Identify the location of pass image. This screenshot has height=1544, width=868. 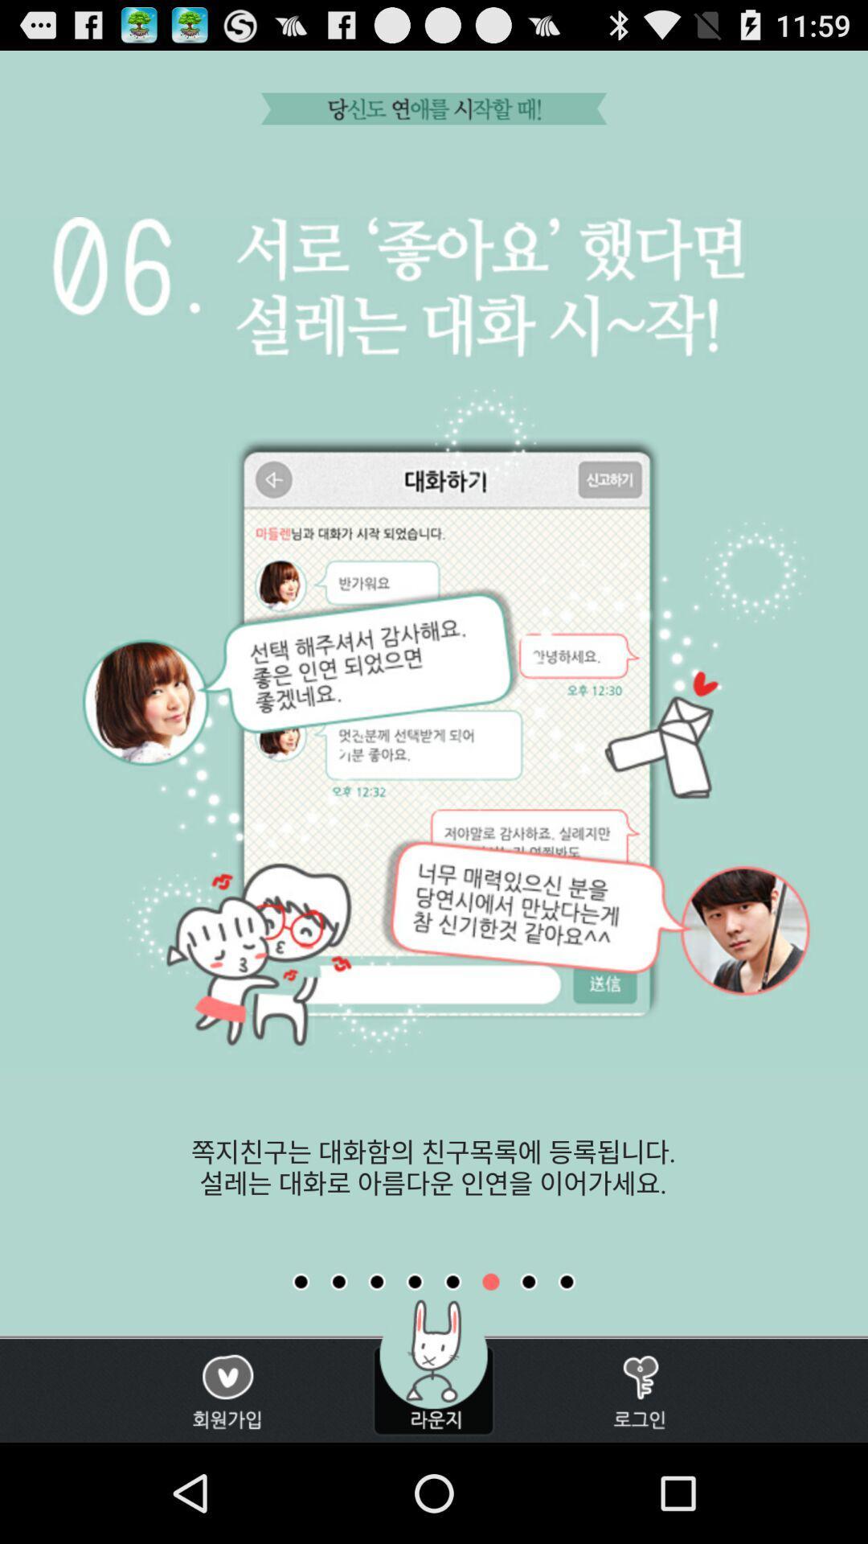
(489, 1281).